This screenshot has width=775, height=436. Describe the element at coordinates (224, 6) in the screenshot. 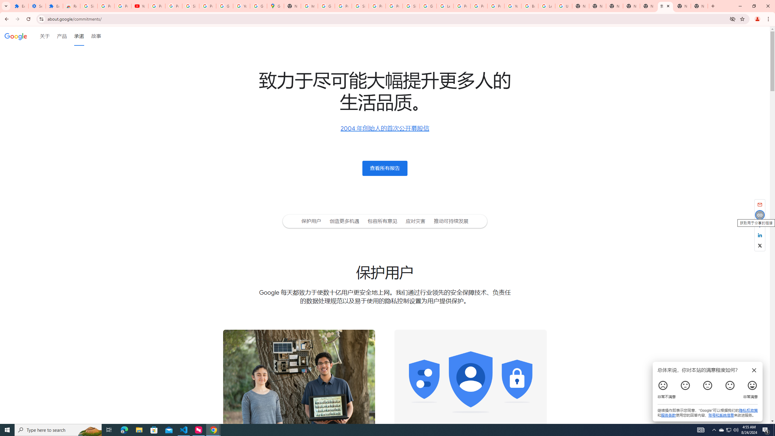

I see `'Google Account'` at that location.